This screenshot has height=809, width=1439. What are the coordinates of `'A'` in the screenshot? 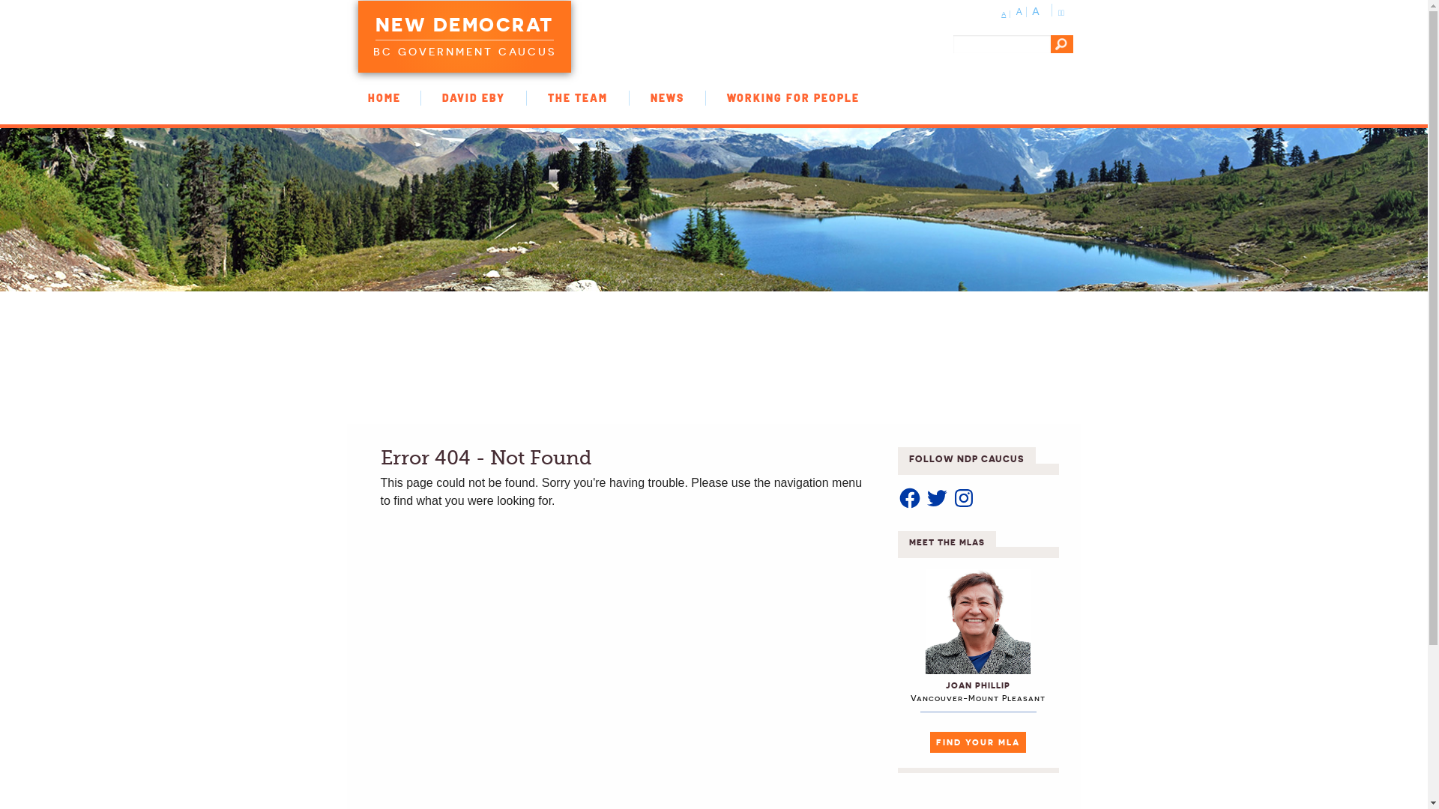 It's located at (1001, 14).